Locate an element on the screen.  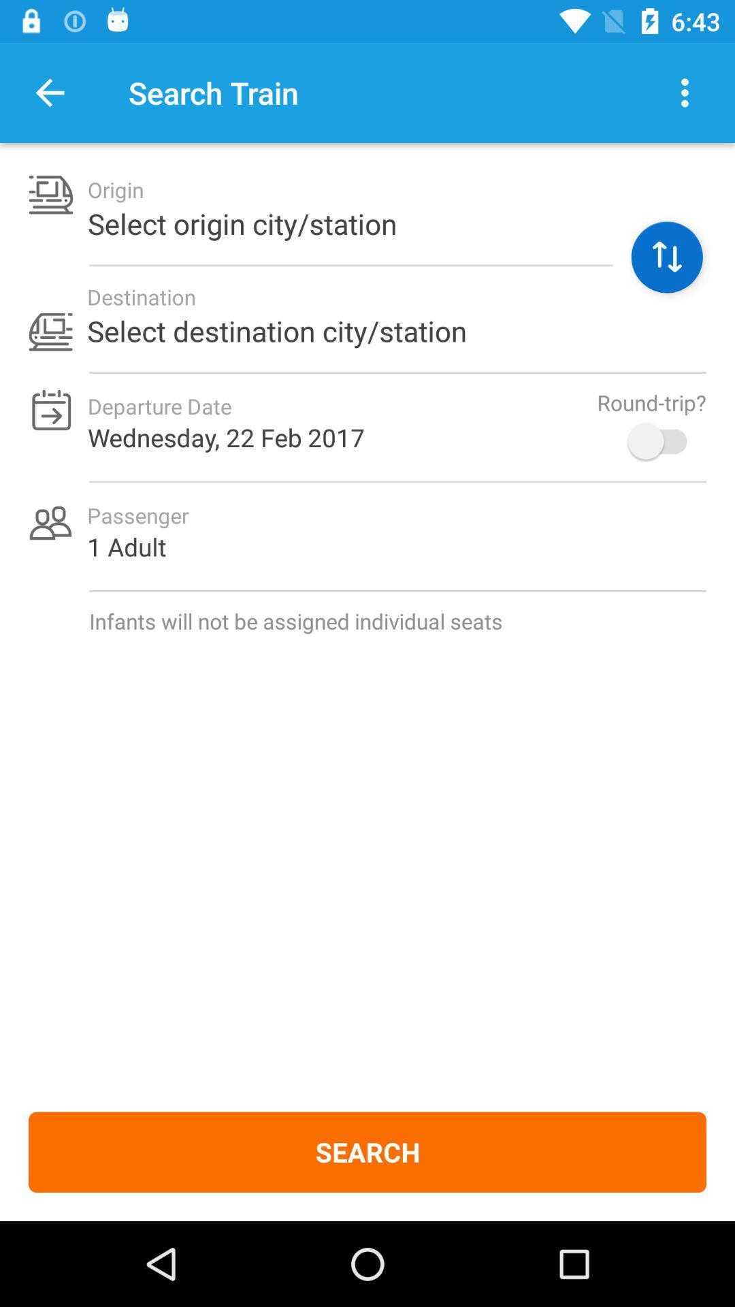
the swap icon is located at coordinates (666, 257).